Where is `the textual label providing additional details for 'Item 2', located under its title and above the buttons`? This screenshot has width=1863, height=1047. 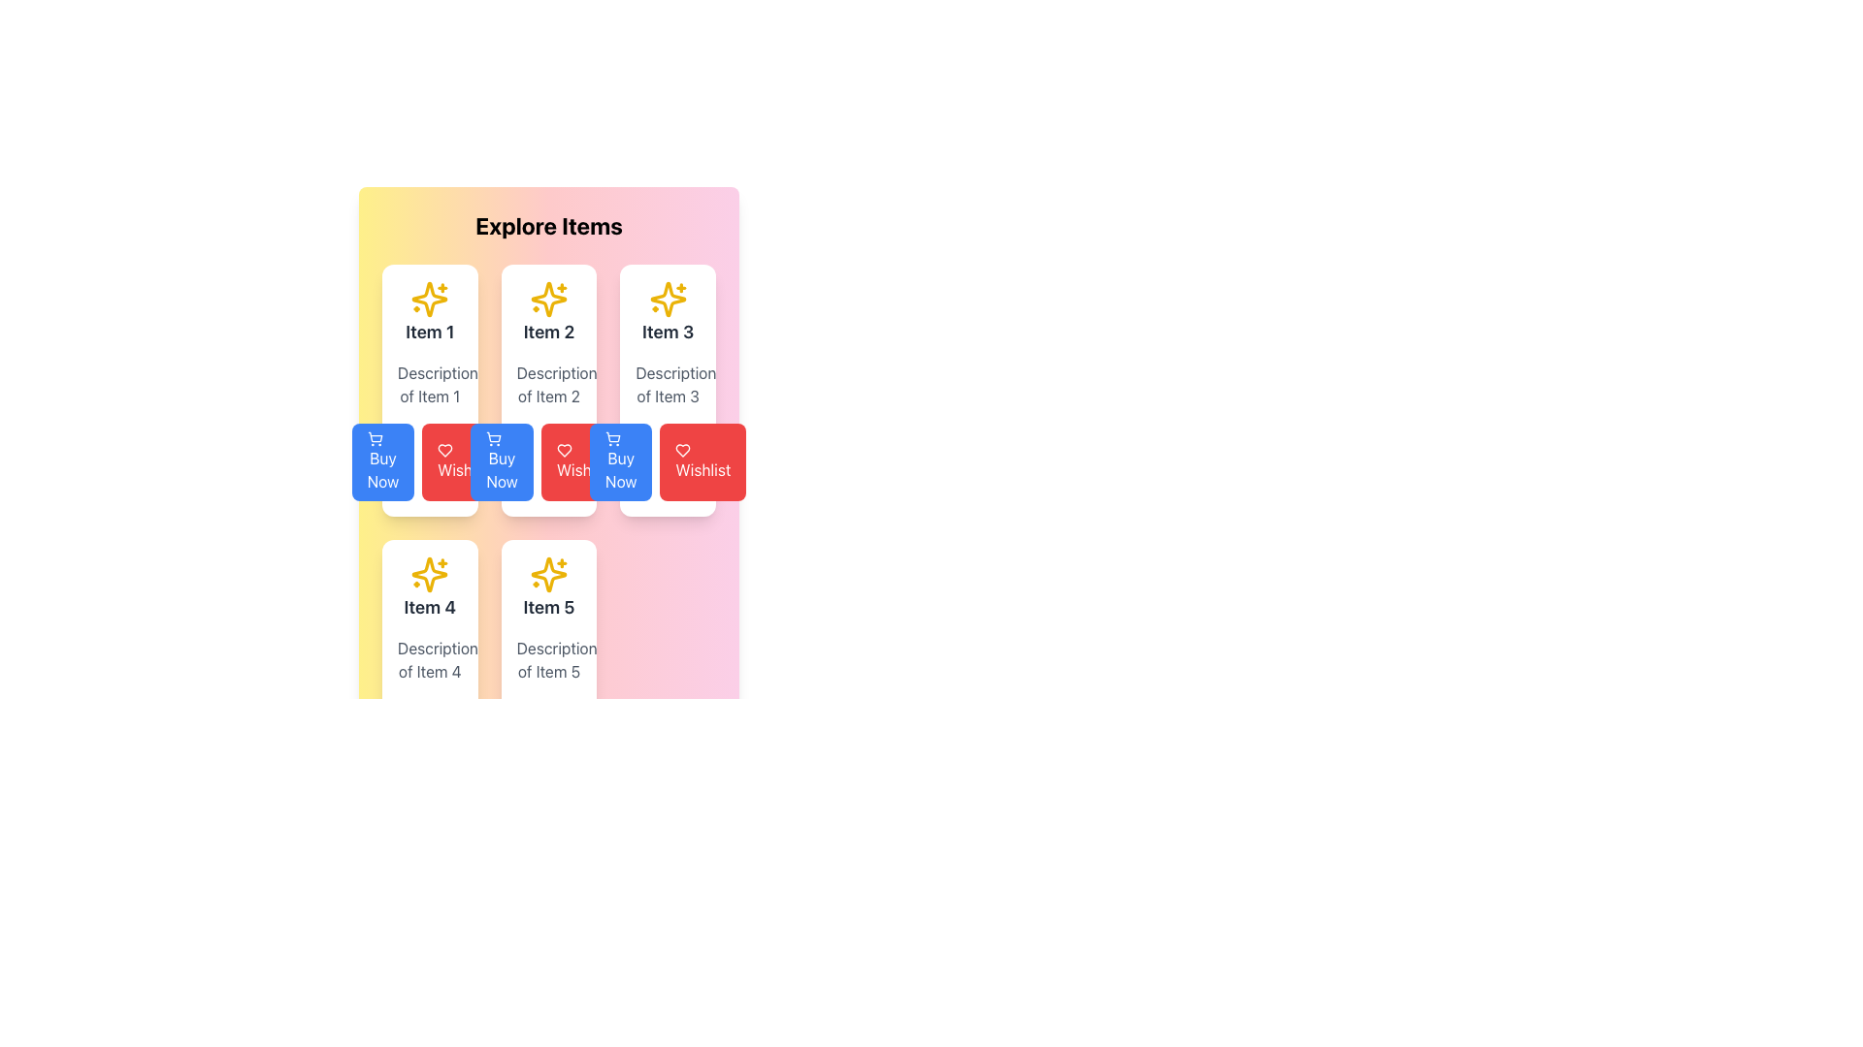
the textual label providing additional details for 'Item 2', located under its title and above the buttons is located at coordinates (548, 385).